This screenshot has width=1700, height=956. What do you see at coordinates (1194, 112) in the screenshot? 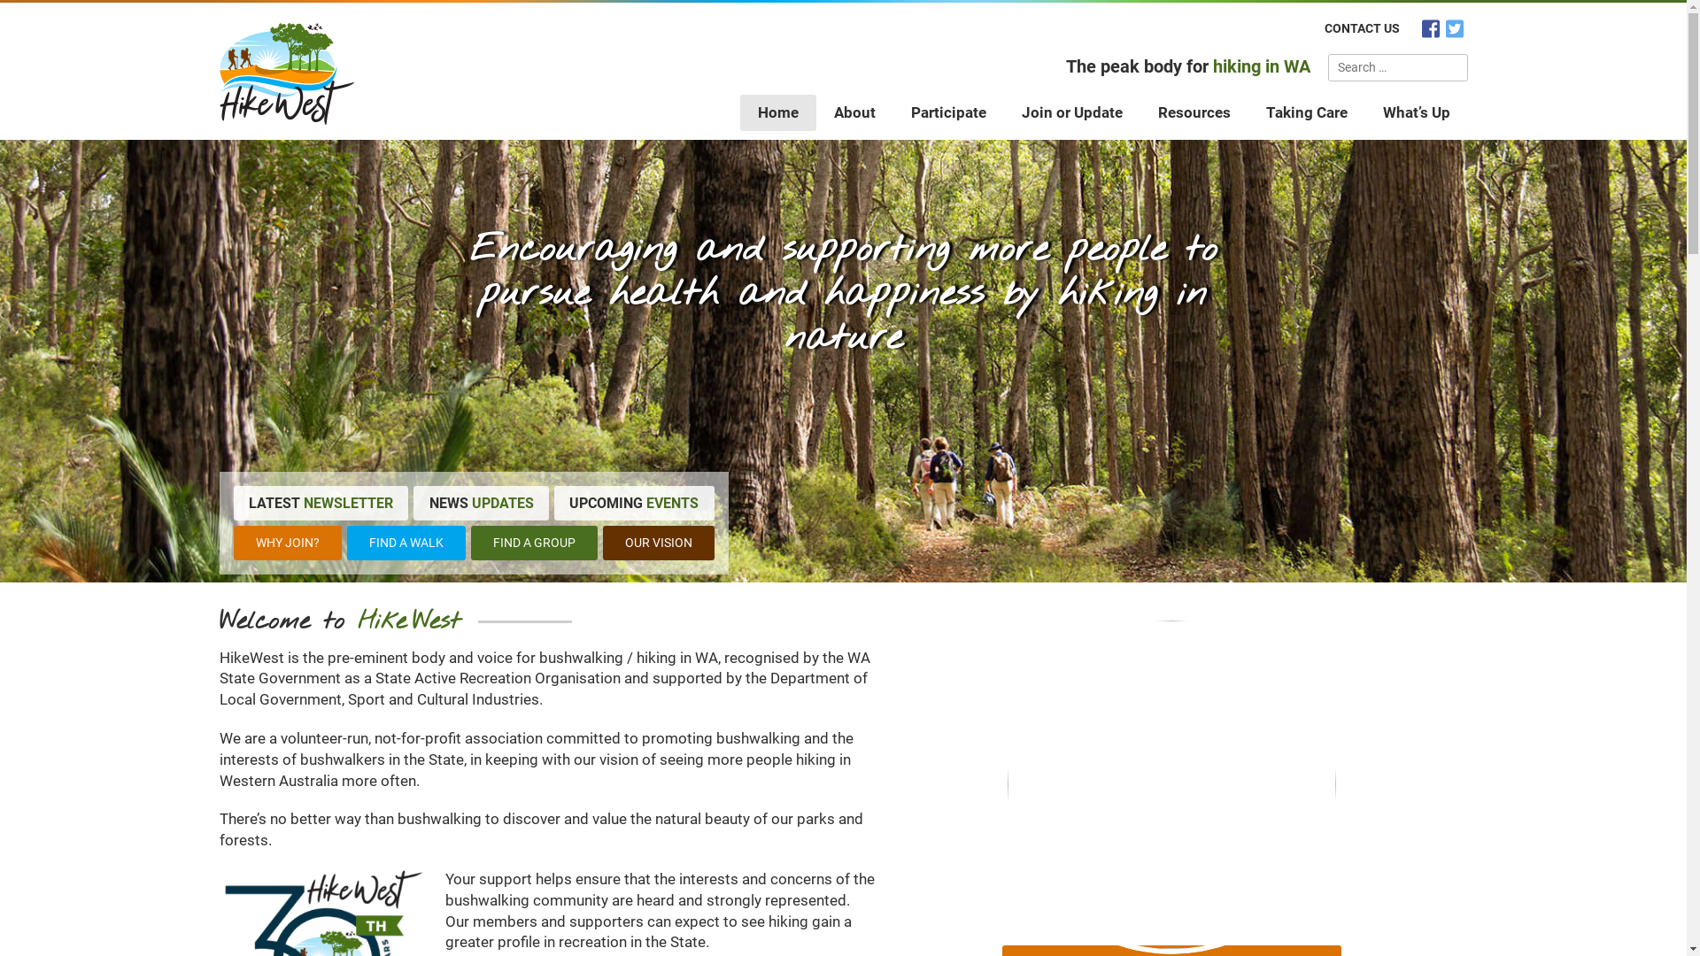
I see `'Resources'` at bounding box center [1194, 112].